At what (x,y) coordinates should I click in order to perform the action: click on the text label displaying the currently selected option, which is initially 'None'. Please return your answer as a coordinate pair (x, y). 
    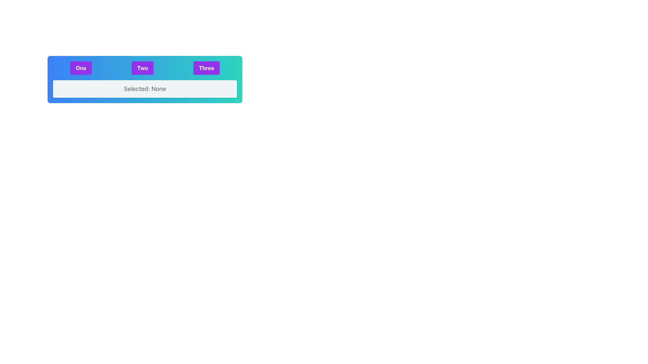
    Looking at the image, I should click on (144, 88).